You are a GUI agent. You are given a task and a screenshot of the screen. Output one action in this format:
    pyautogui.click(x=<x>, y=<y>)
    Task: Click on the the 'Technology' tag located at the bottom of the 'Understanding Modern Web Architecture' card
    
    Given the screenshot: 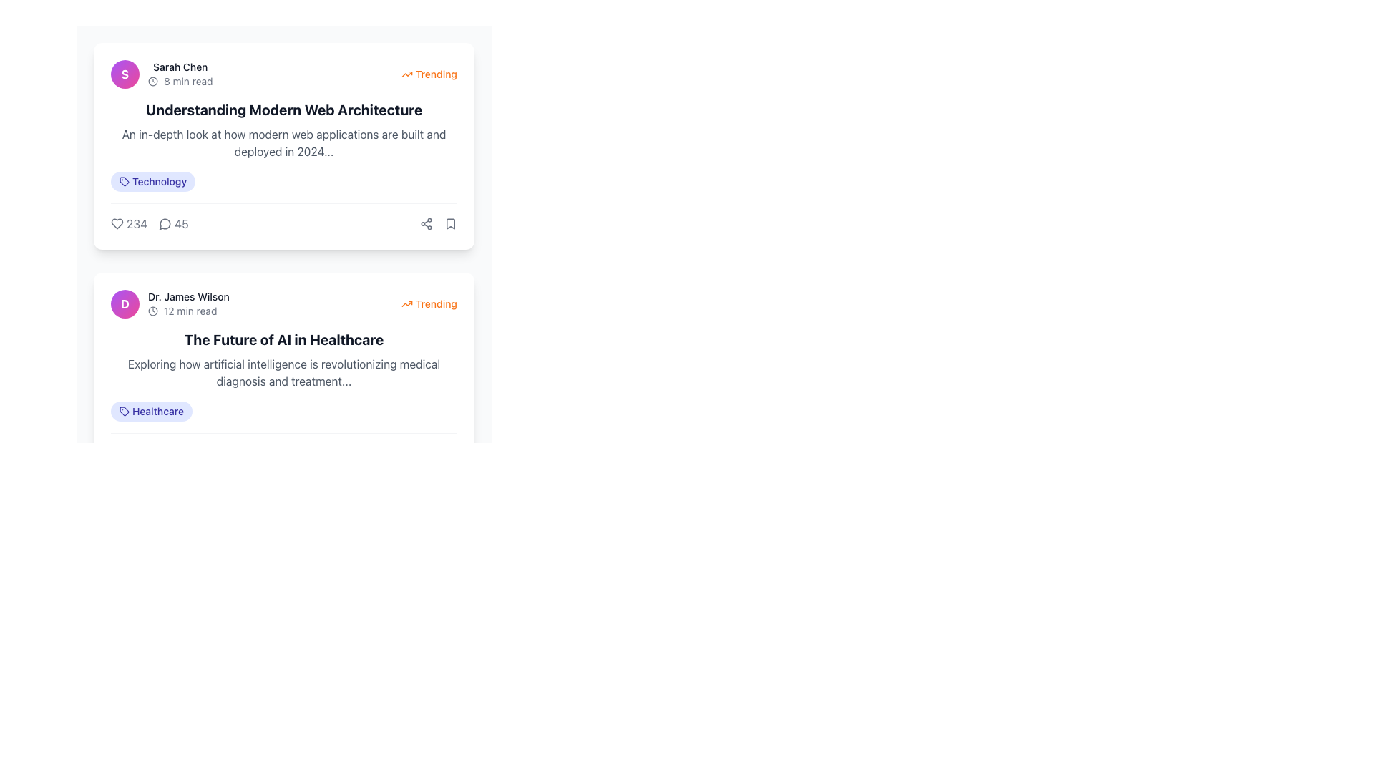 What is the action you would take?
    pyautogui.click(x=284, y=181)
    